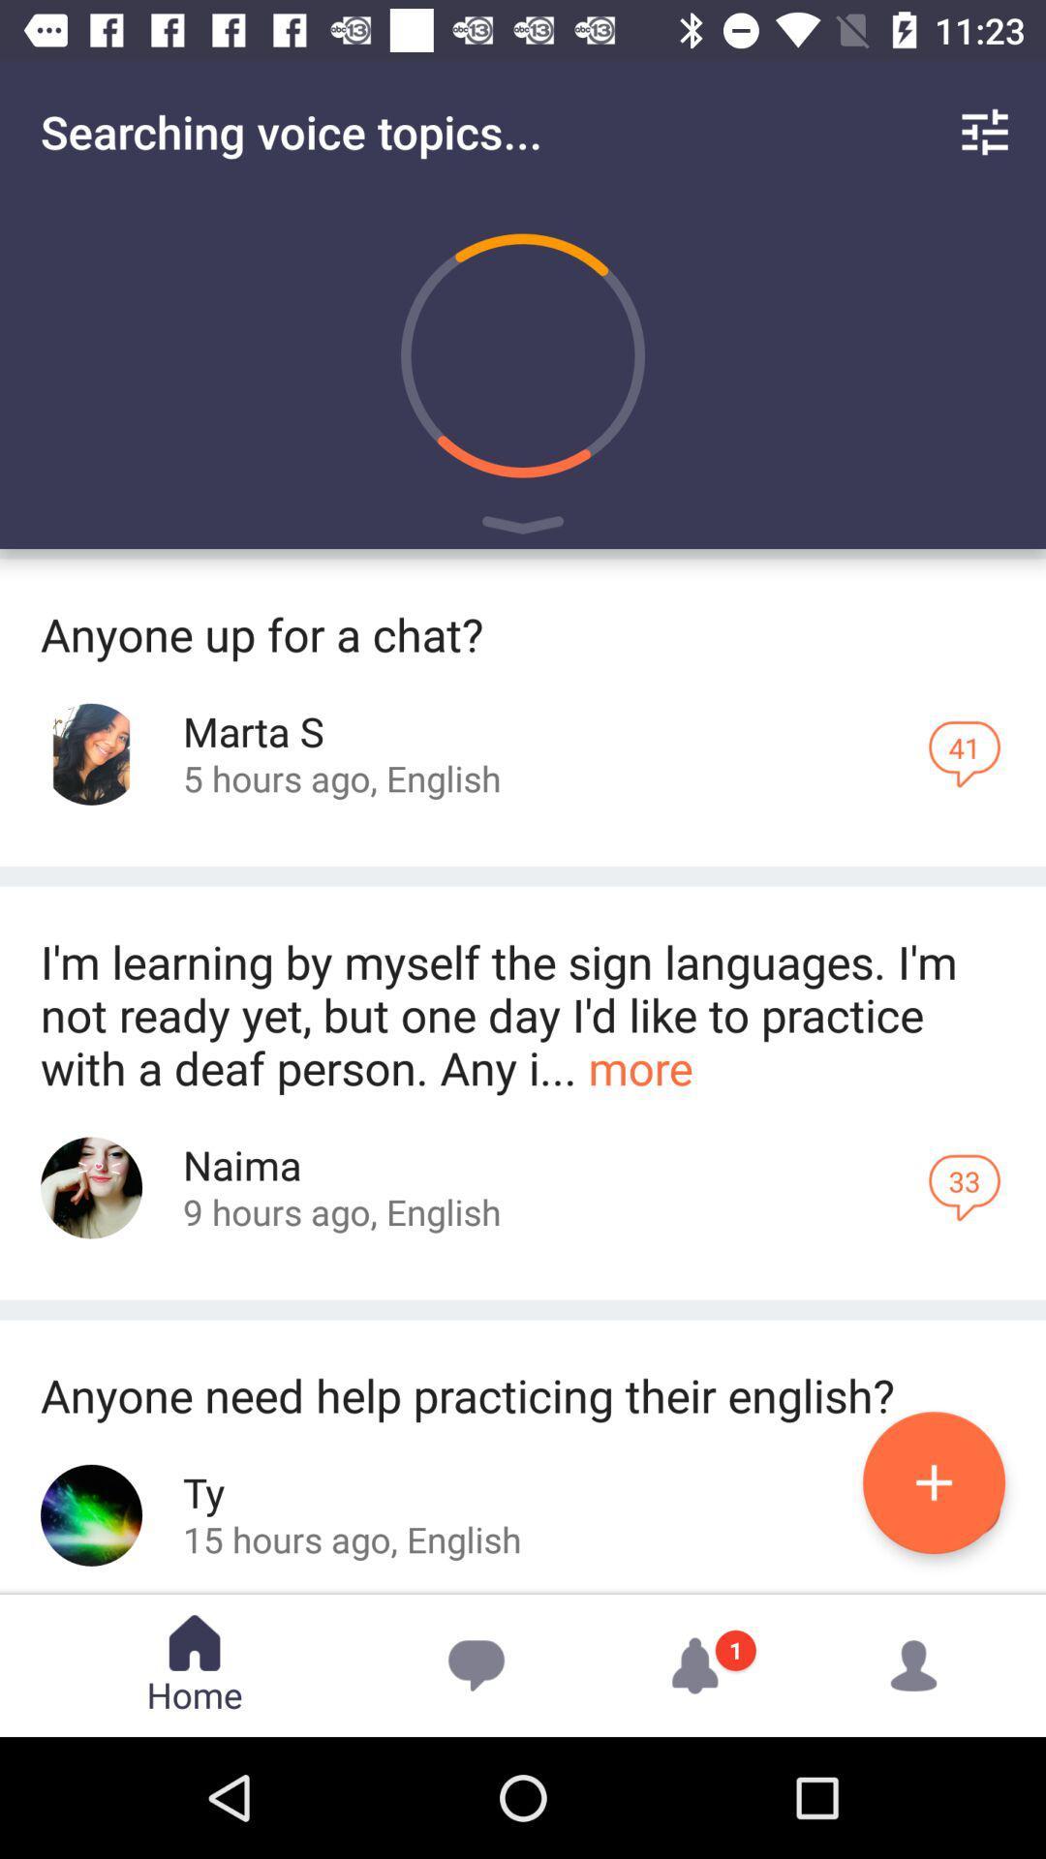 This screenshot has height=1859, width=1046. Describe the element at coordinates (933, 1481) in the screenshot. I see `message` at that location.